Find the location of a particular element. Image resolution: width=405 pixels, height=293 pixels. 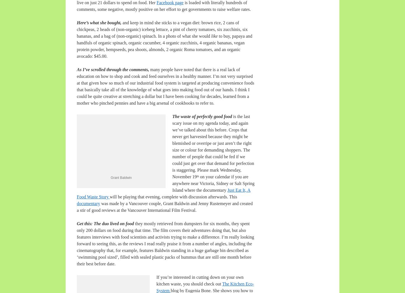

'on your calendar if you are anywhere near Victoria, Sidney or Salt Spring Island where the documentary' is located at coordinates (213, 183).